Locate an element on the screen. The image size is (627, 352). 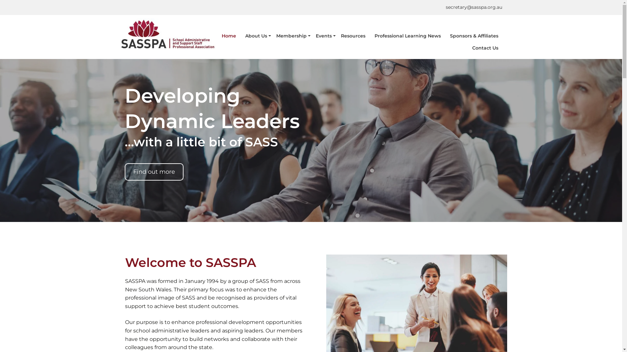
'Contact Us' is located at coordinates (468, 48).